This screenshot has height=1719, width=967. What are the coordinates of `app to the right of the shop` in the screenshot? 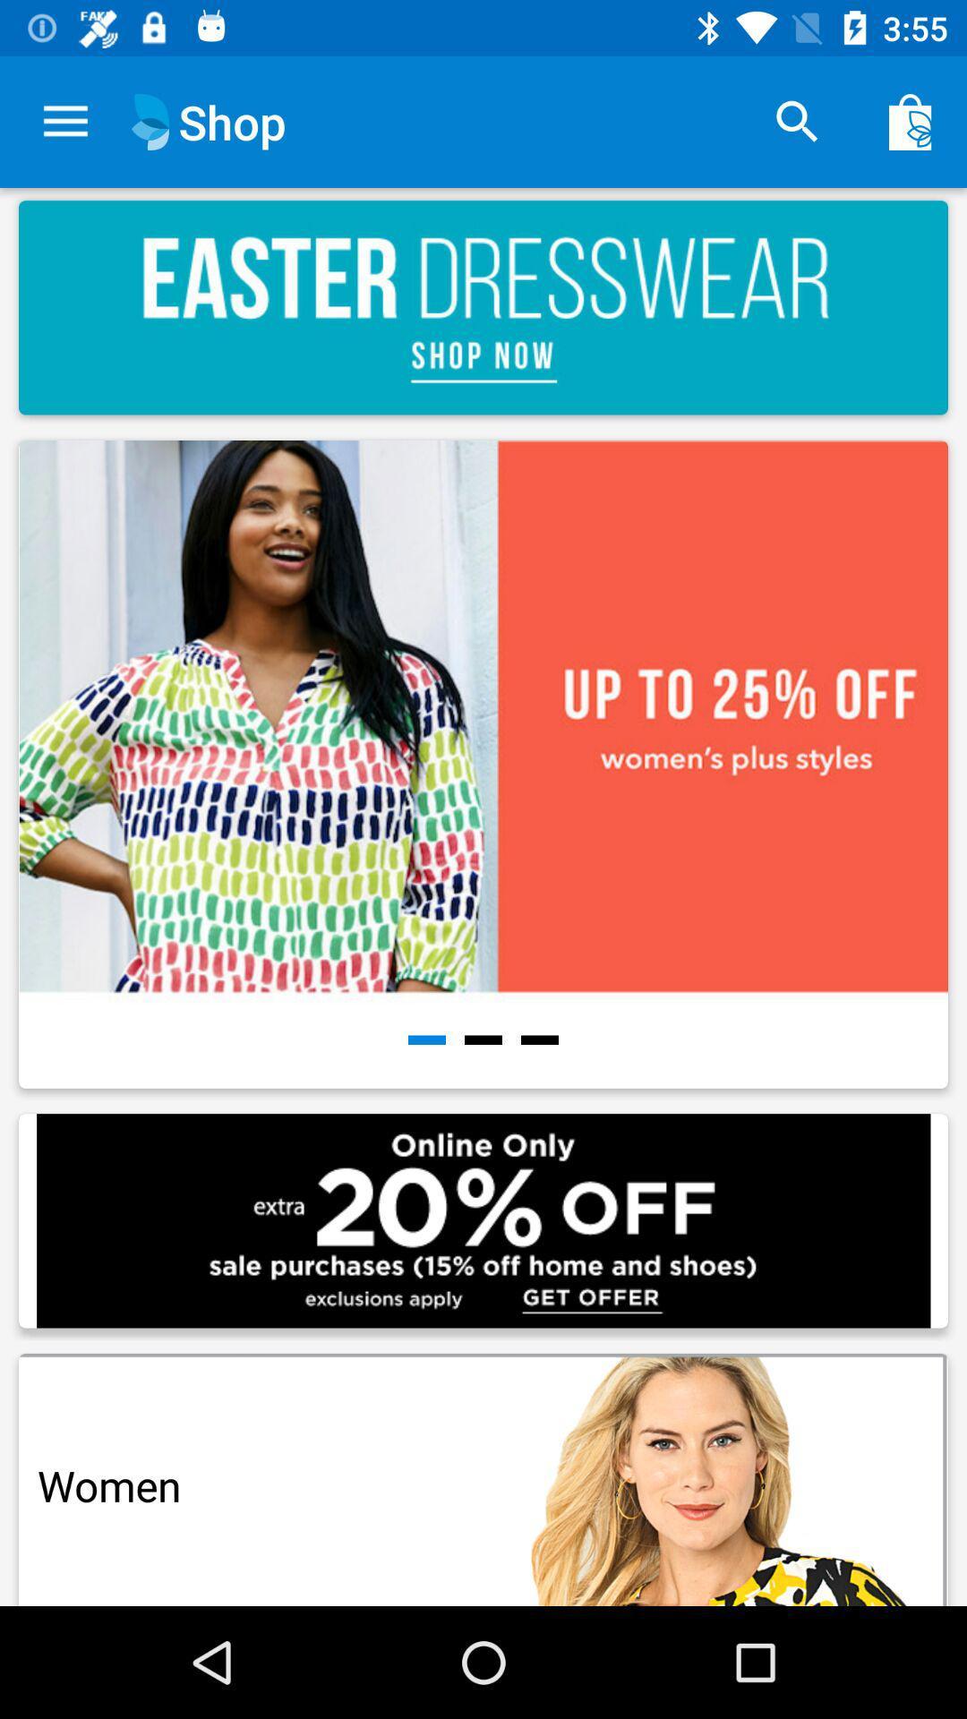 It's located at (797, 121).